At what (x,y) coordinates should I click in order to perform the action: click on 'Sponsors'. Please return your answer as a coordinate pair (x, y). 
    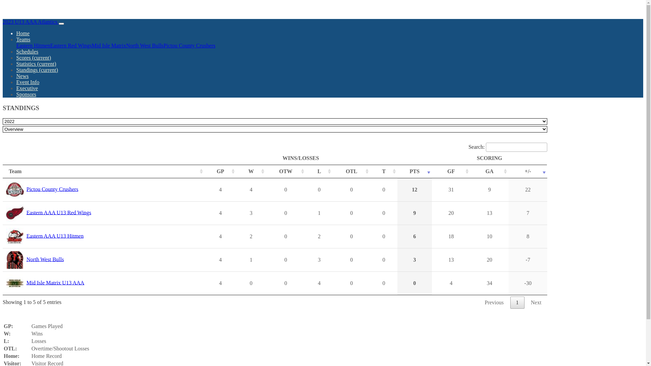
    Looking at the image, I should click on (26, 94).